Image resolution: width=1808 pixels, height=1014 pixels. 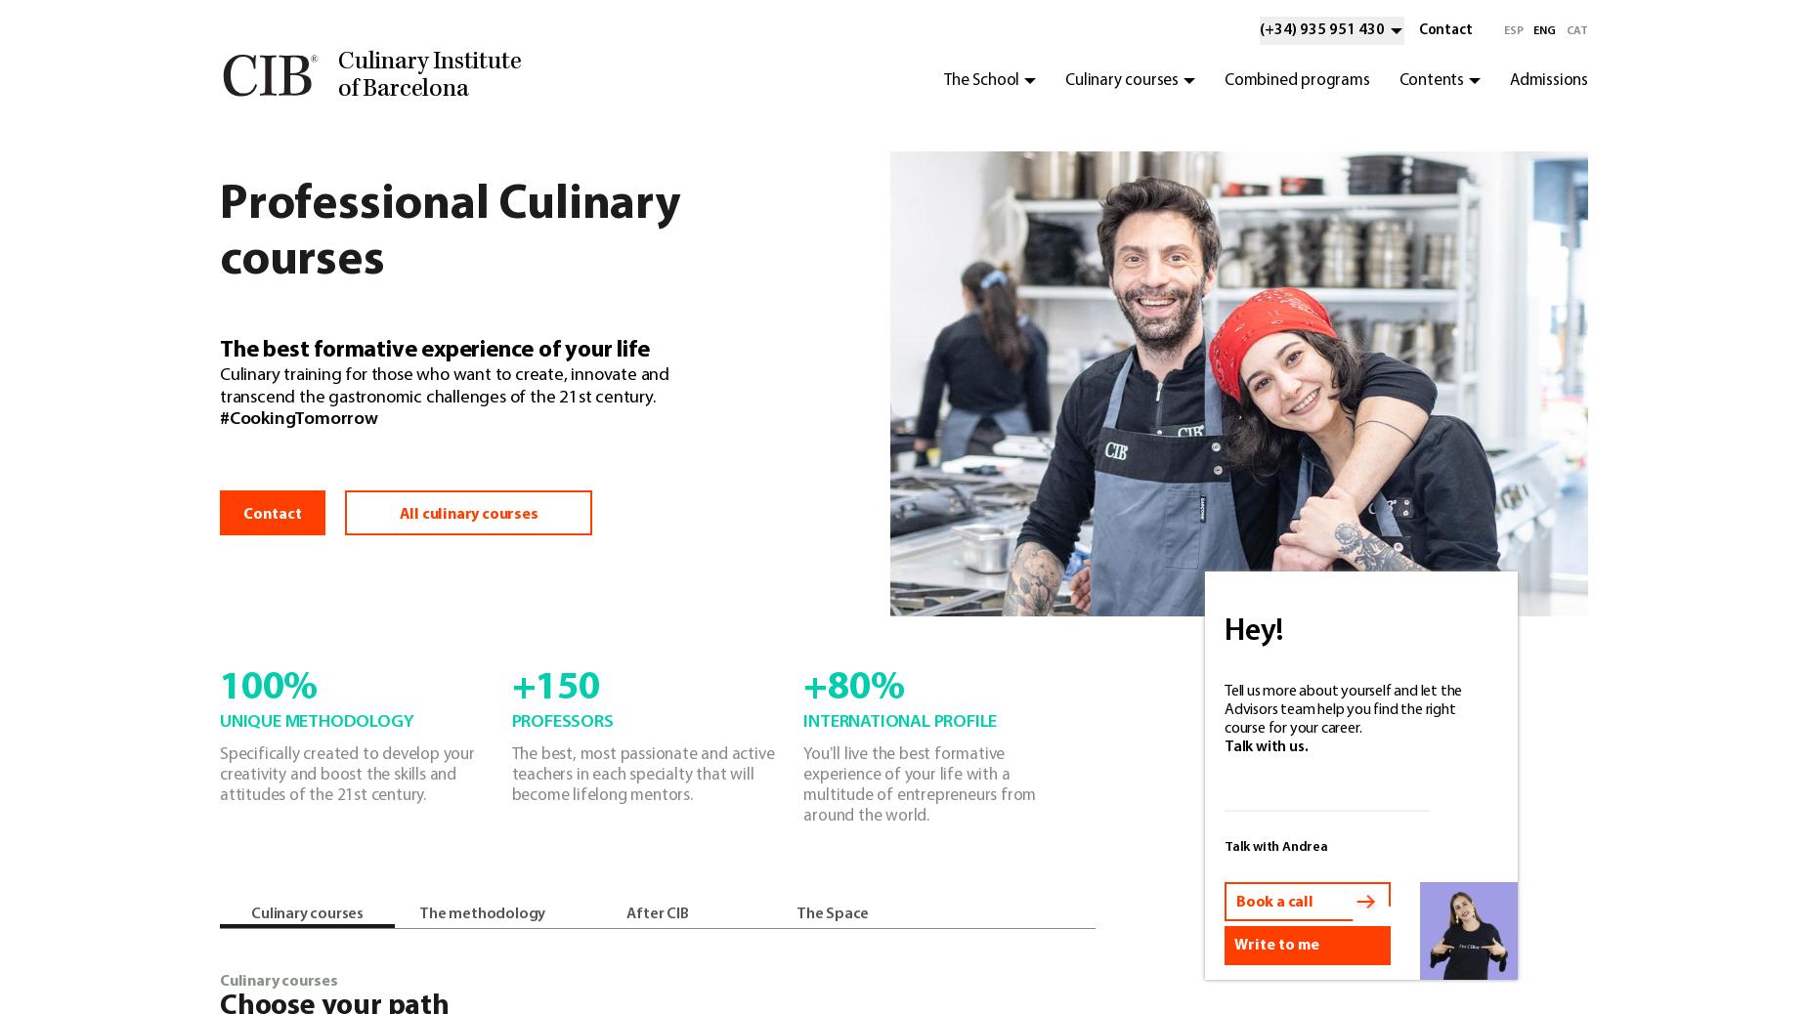 I want to click on 'Specifically created to develop your creativity and boost the skills and attitudes of the 21st century.', so click(x=346, y=775).